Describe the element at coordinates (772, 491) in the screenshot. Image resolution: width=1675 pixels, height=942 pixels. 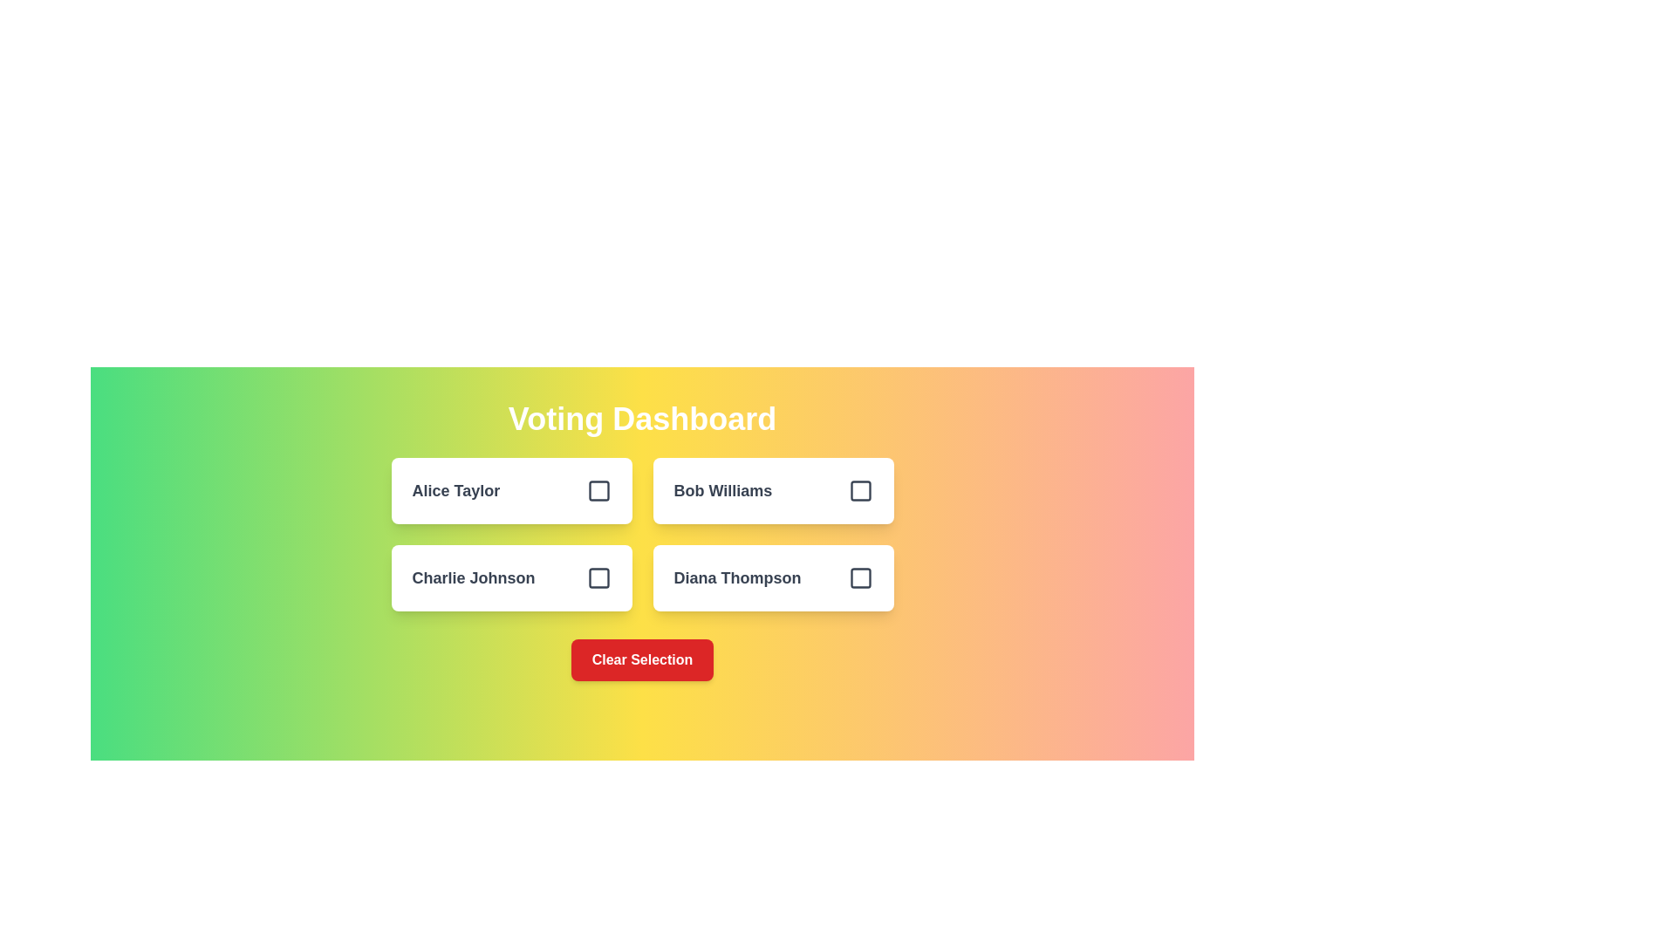
I see `the candidate item Bob Williams to observe the hover effect` at that location.